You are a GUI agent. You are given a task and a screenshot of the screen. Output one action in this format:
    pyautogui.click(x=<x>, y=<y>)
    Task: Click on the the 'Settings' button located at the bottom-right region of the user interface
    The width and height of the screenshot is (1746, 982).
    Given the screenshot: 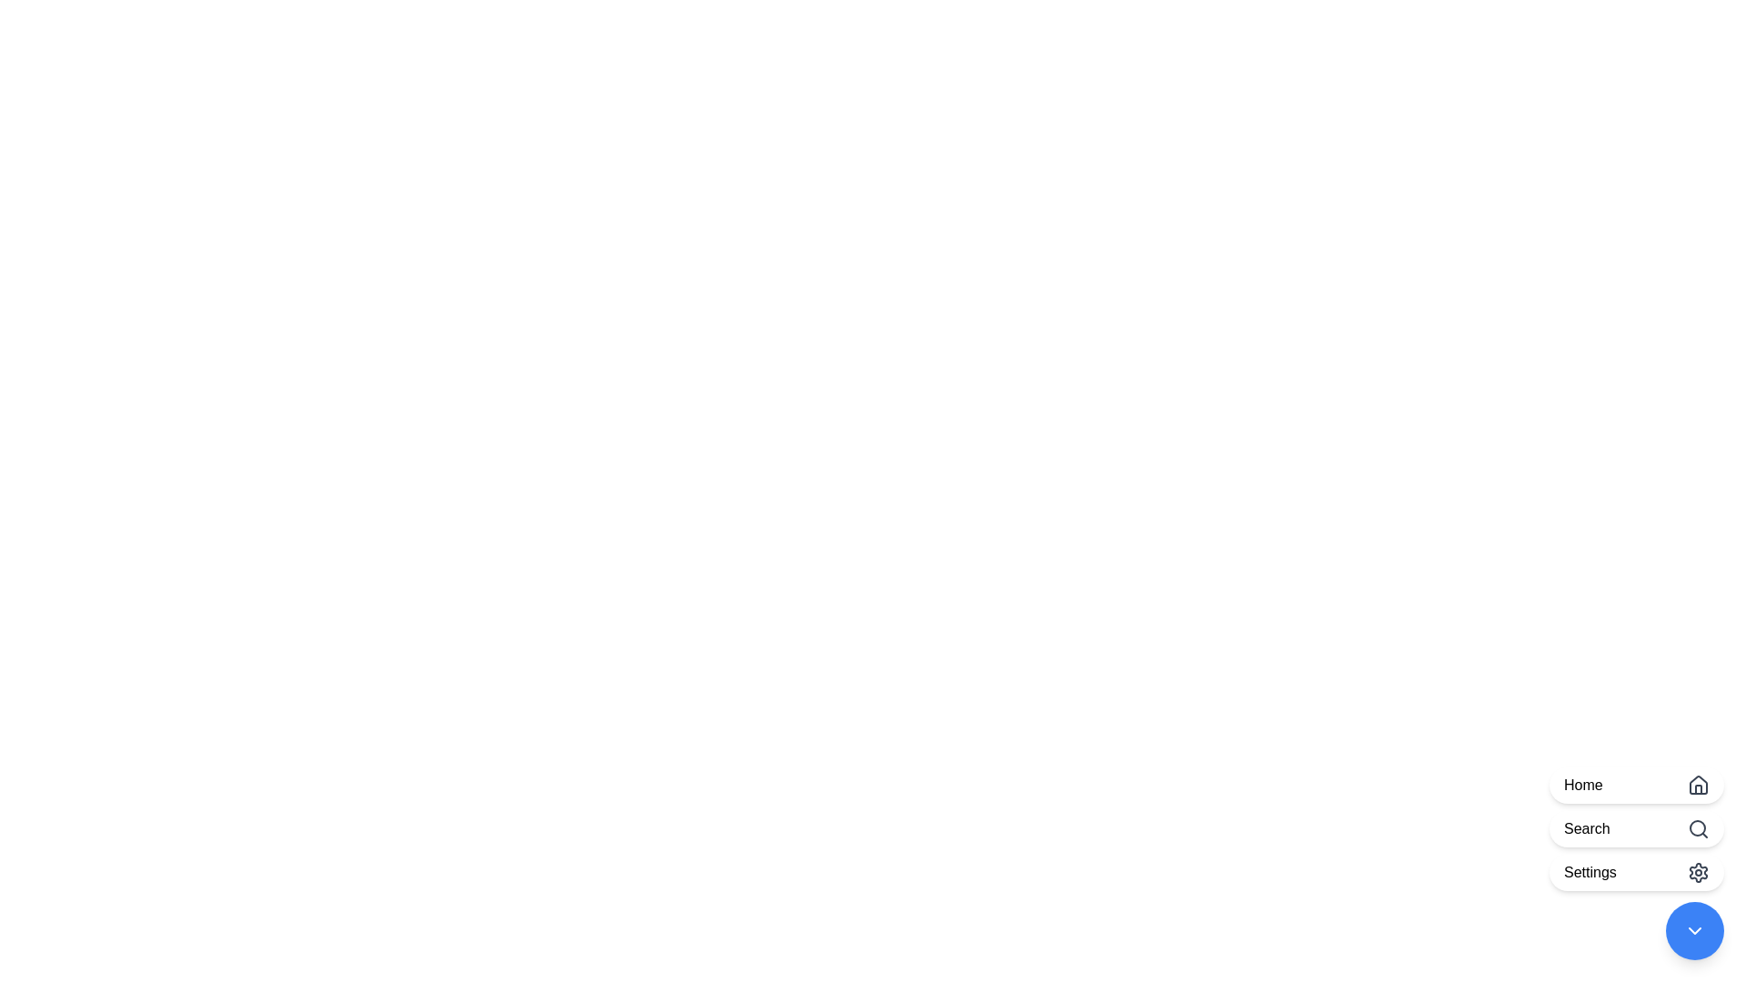 What is the action you would take?
    pyautogui.click(x=1637, y=862)
    